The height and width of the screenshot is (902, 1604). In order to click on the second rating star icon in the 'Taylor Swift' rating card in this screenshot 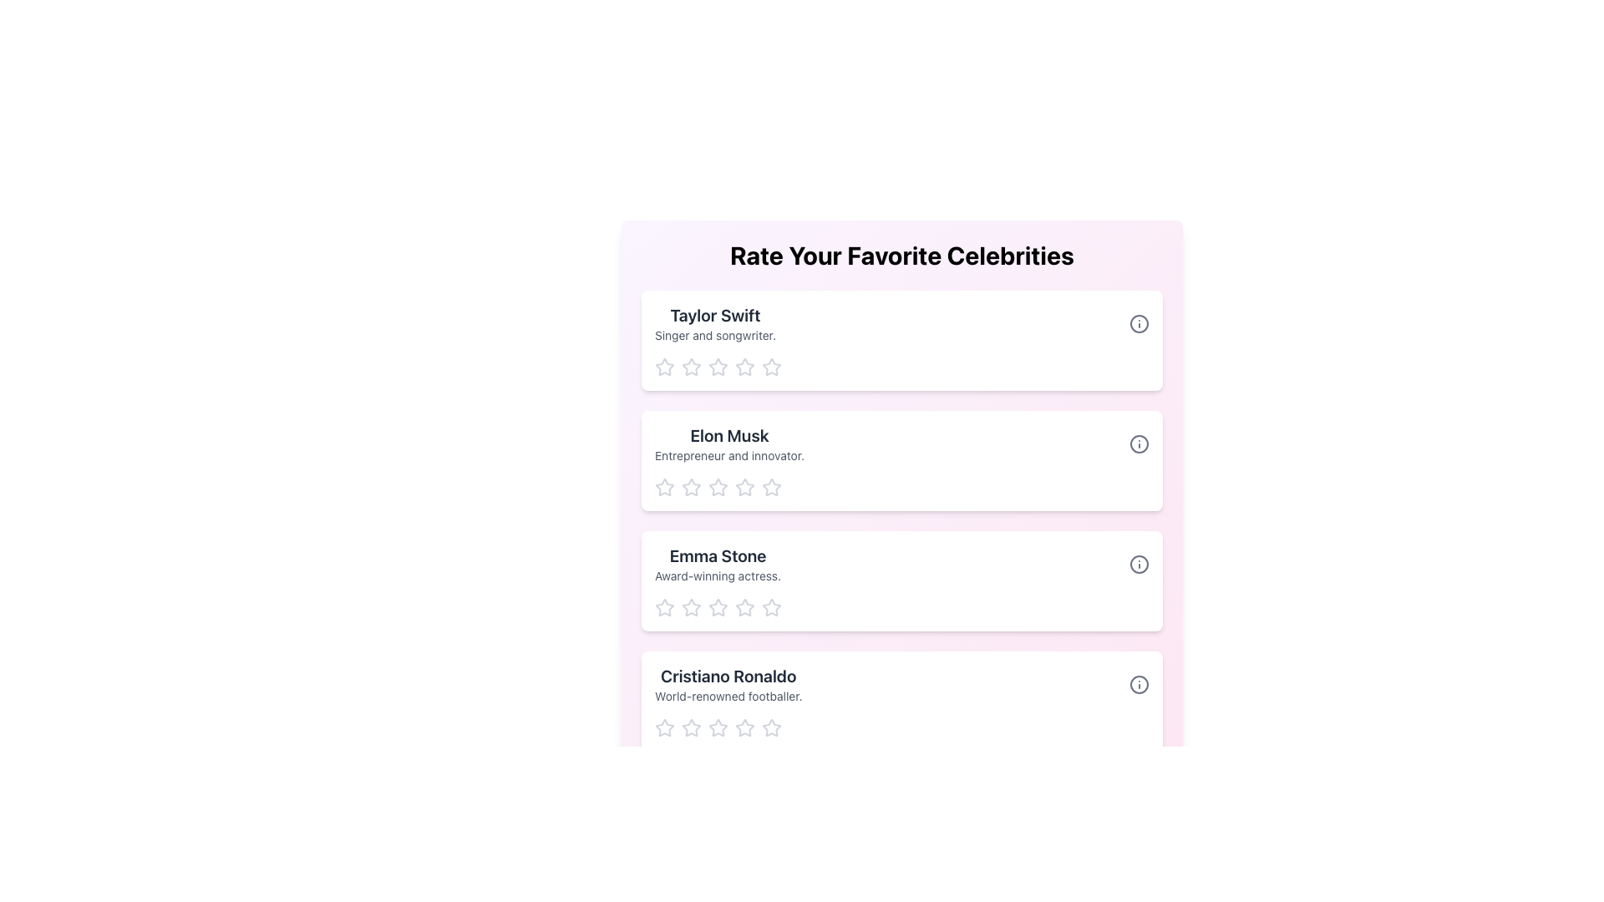, I will do `click(692, 366)`.